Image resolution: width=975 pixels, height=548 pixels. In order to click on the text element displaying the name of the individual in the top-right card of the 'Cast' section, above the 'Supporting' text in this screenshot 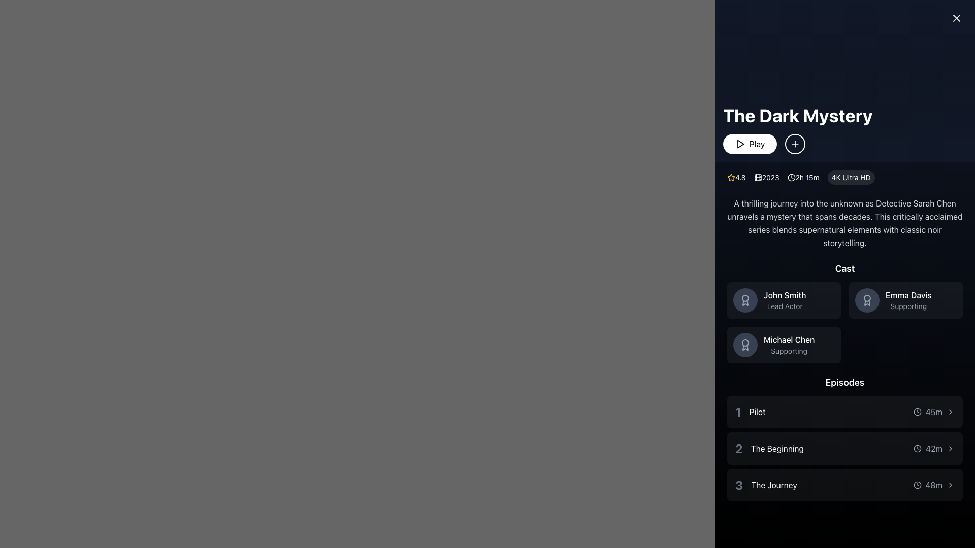, I will do `click(908, 295)`.